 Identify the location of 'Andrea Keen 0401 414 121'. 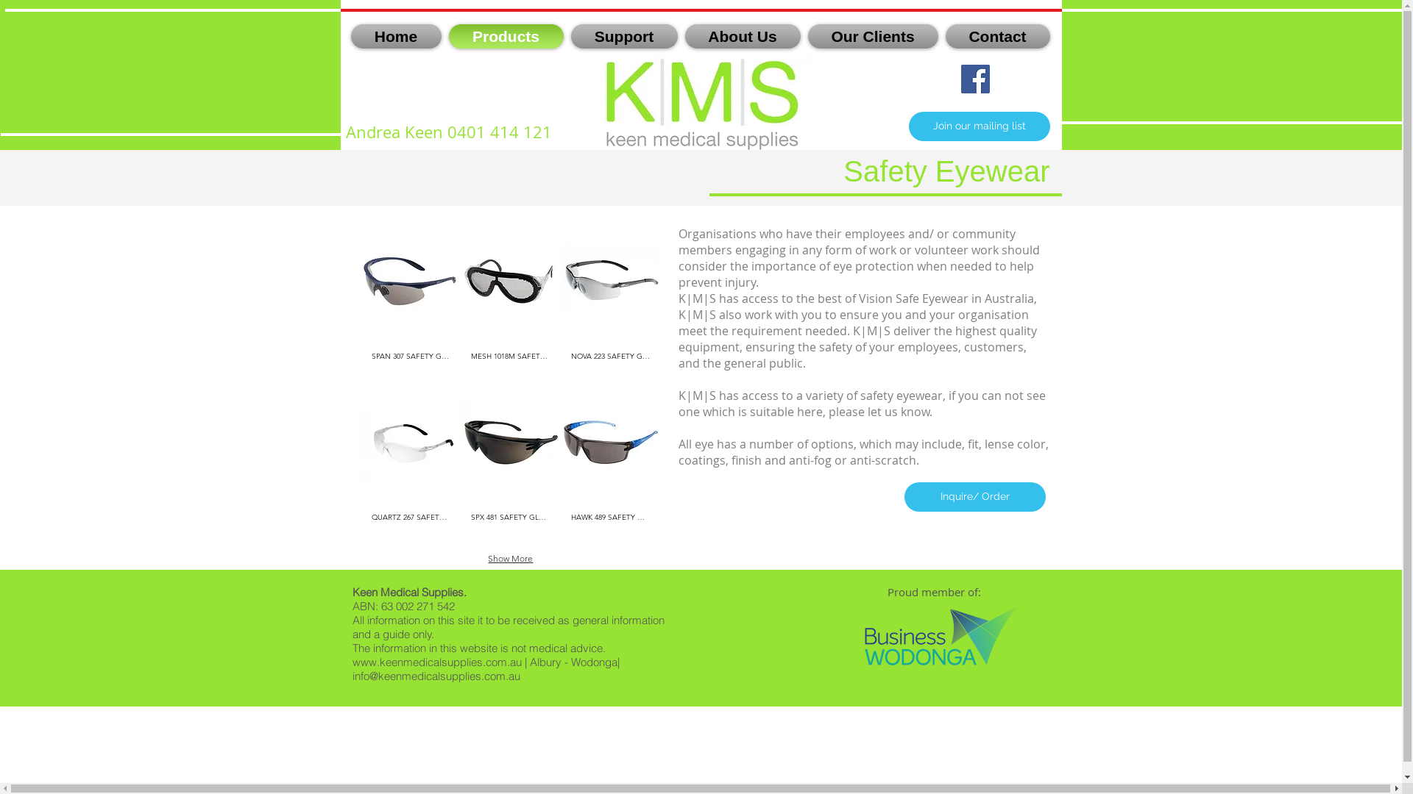
(447, 132).